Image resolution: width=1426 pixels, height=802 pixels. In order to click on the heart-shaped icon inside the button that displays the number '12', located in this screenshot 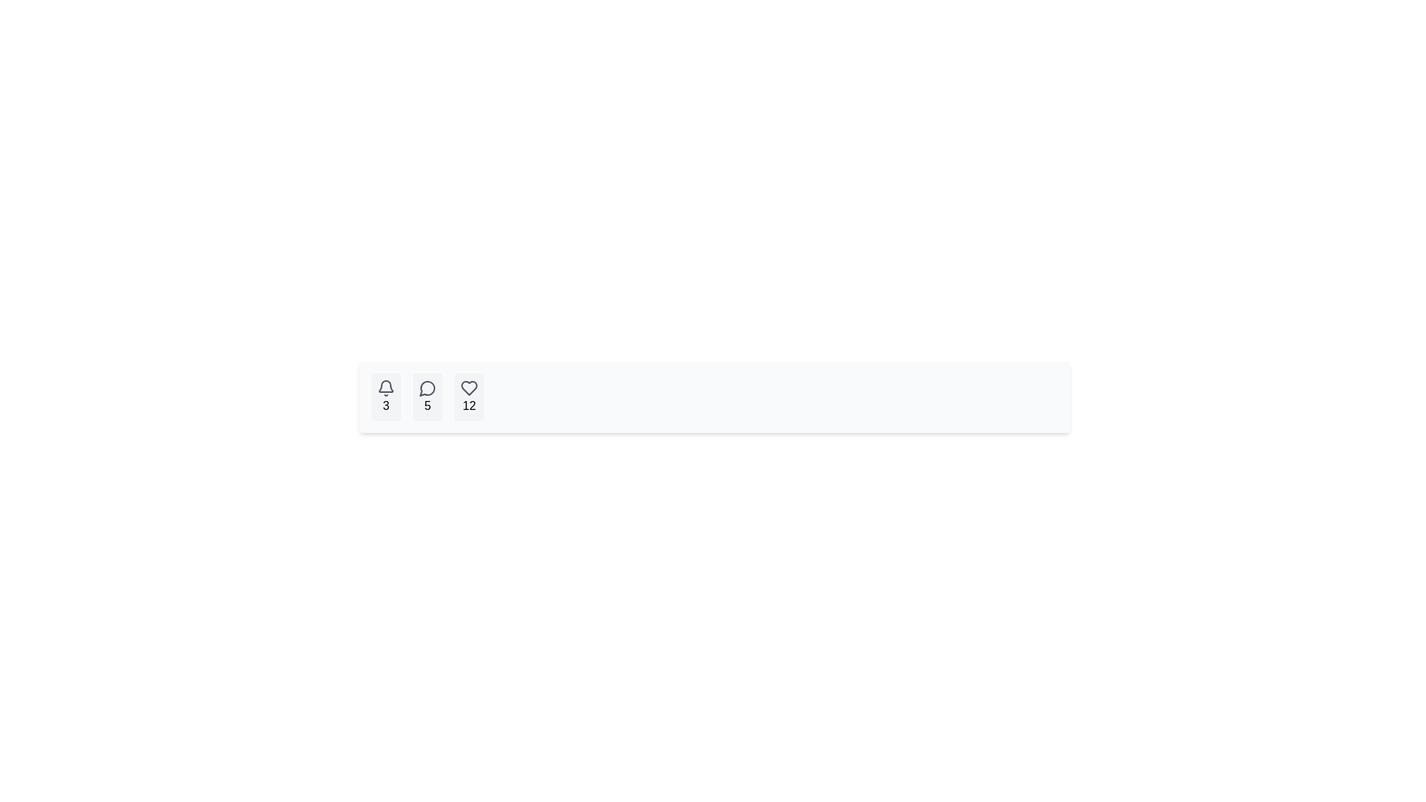, I will do `click(469, 388)`.